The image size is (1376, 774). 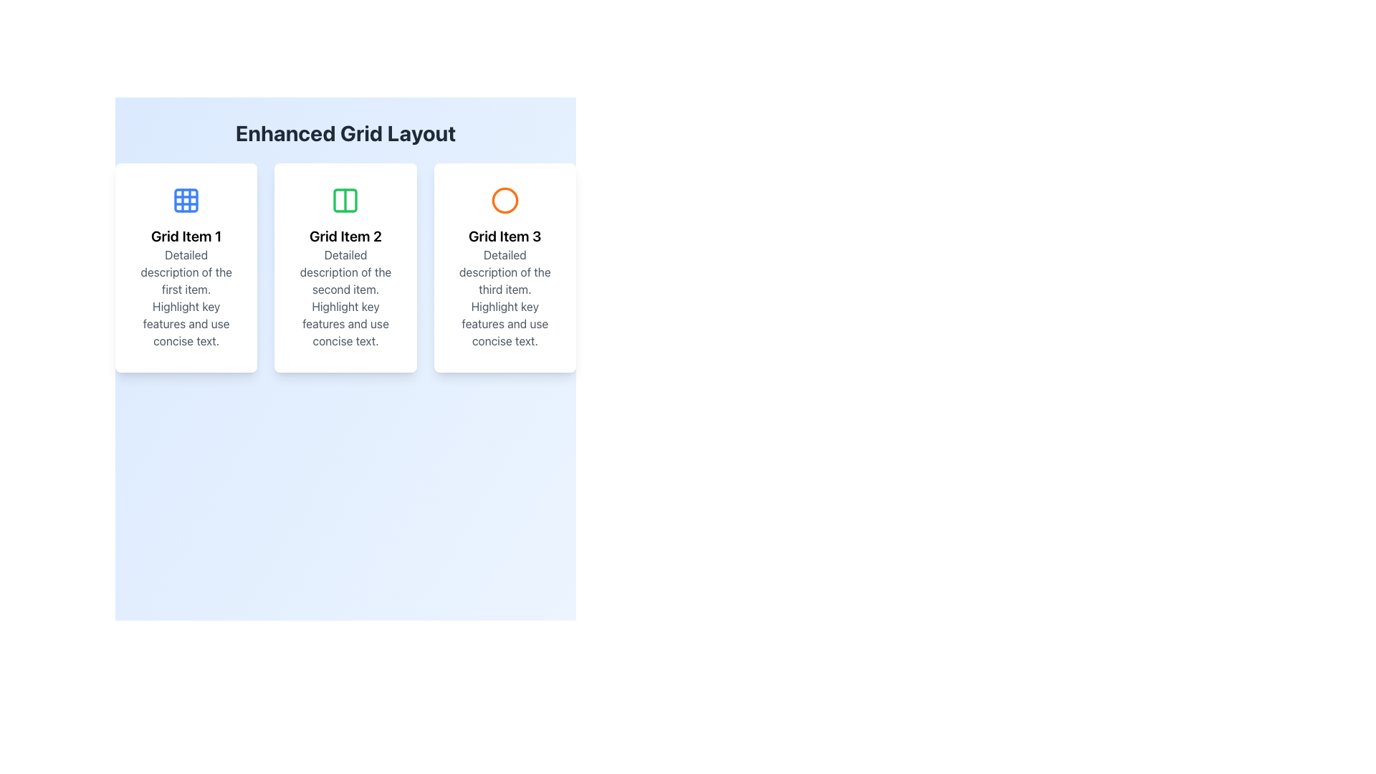 I want to click on the Decorative component, a small rectangular shape with rounded corners located in the top-left corner of the grid structure, which is part of an SVG icon above the text 'Grid Item 1', so click(x=186, y=201).